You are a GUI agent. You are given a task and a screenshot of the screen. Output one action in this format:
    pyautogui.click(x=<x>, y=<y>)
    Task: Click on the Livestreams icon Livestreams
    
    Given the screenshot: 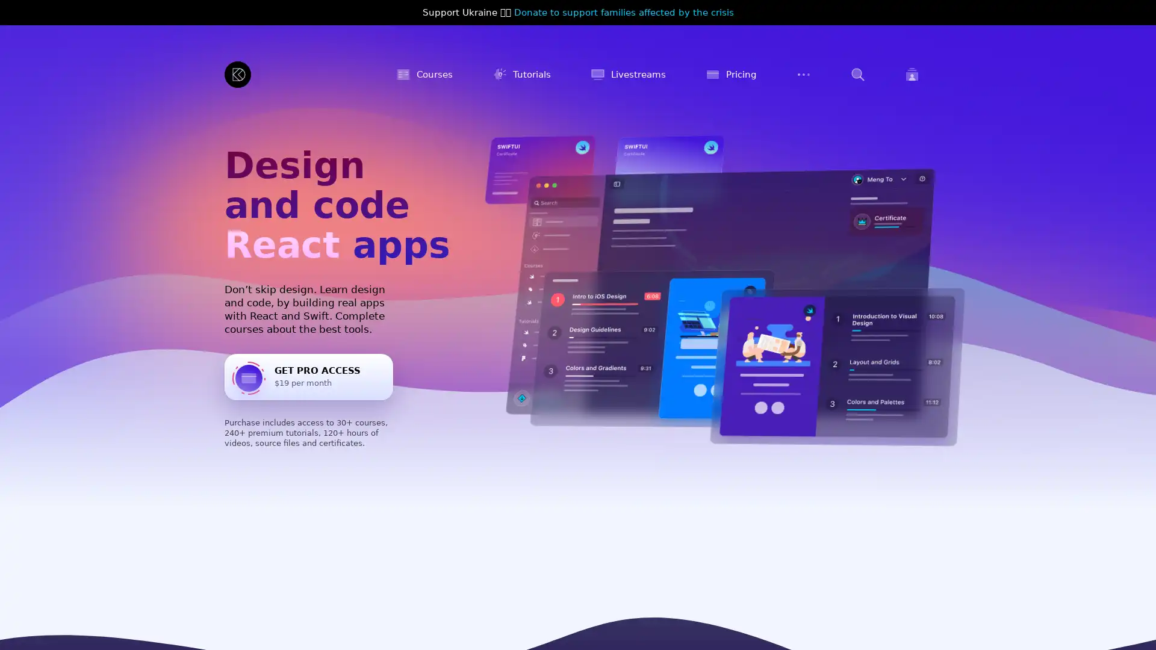 What is the action you would take?
    pyautogui.click(x=627, y=74)
    